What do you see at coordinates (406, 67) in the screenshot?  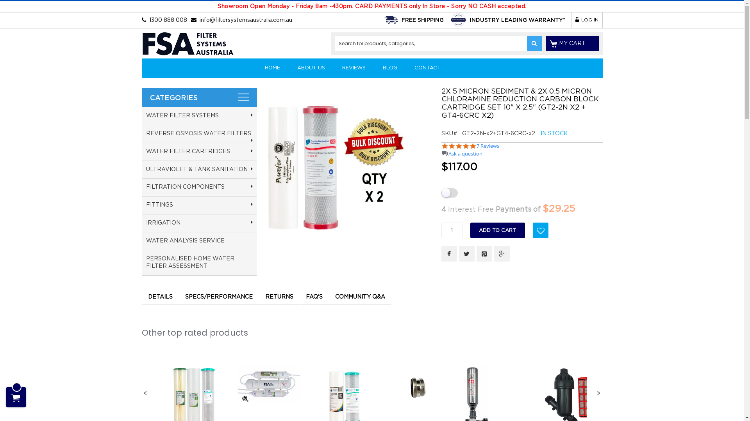 I see `'CONTACT'` at bounding box center [406, 67].